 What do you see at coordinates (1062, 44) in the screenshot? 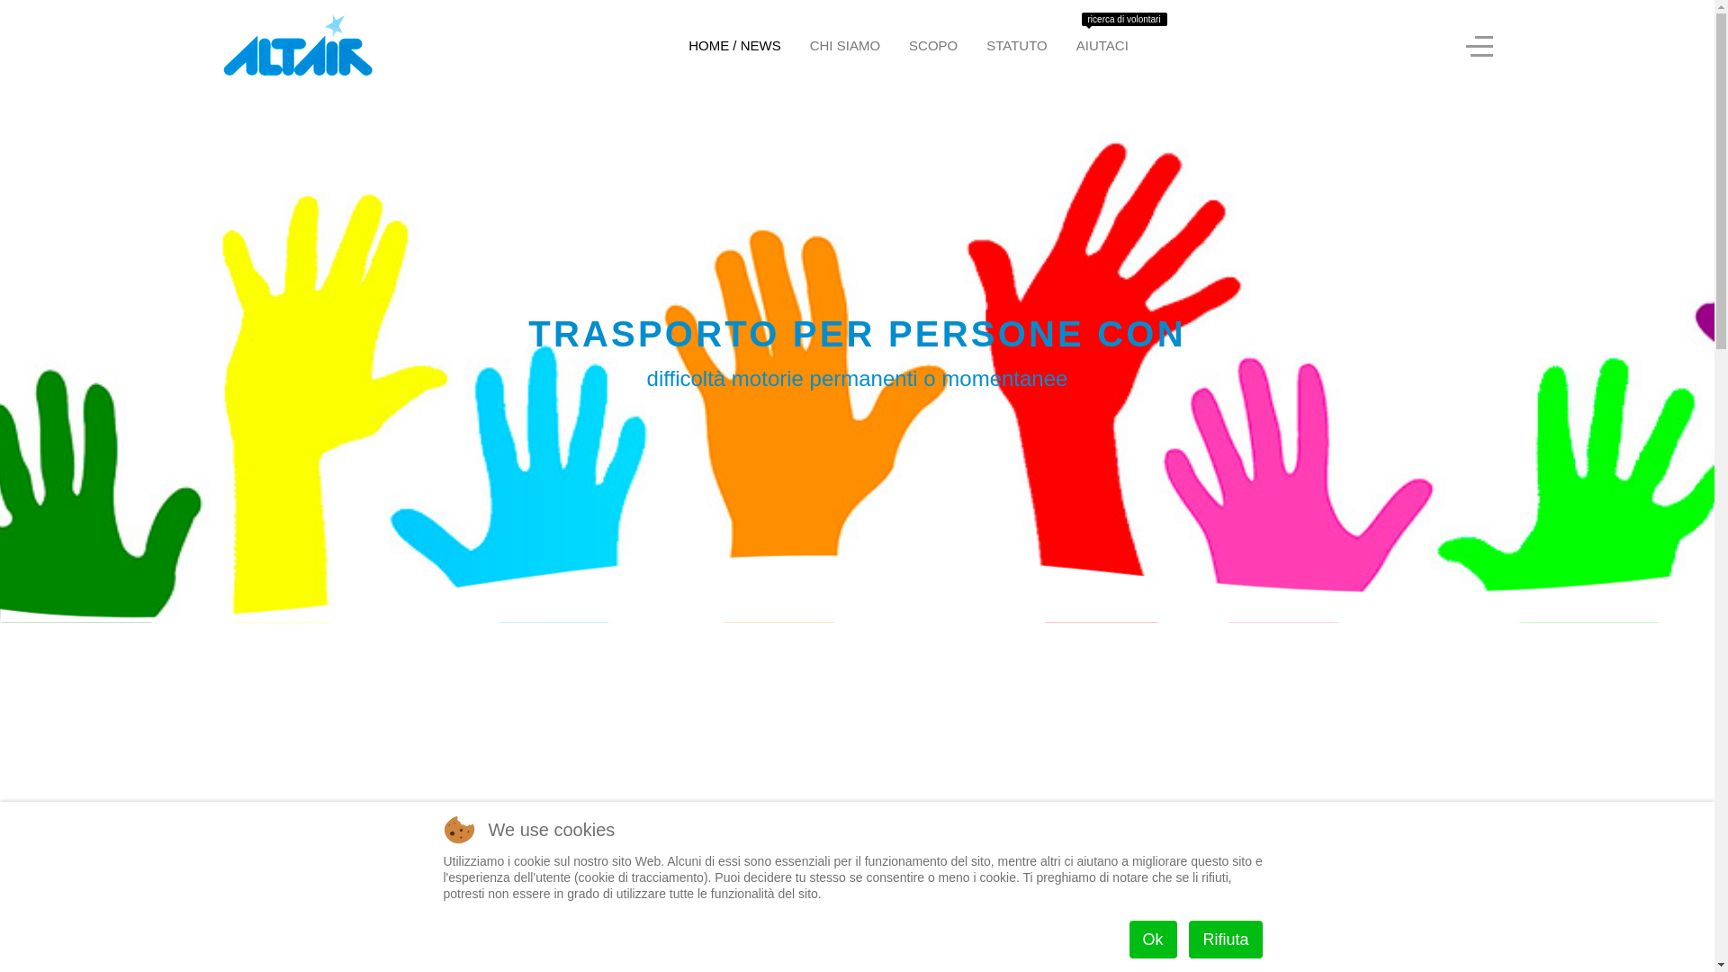
I see `'AIUTACI` at bounding box center [1062, 44].